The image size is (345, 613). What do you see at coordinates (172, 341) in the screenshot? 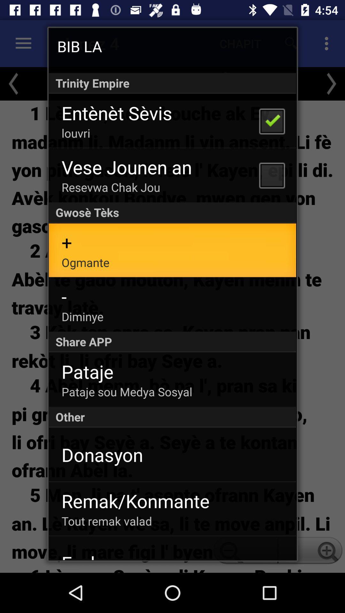
I see `share app app` at bounding box center [172, 341].